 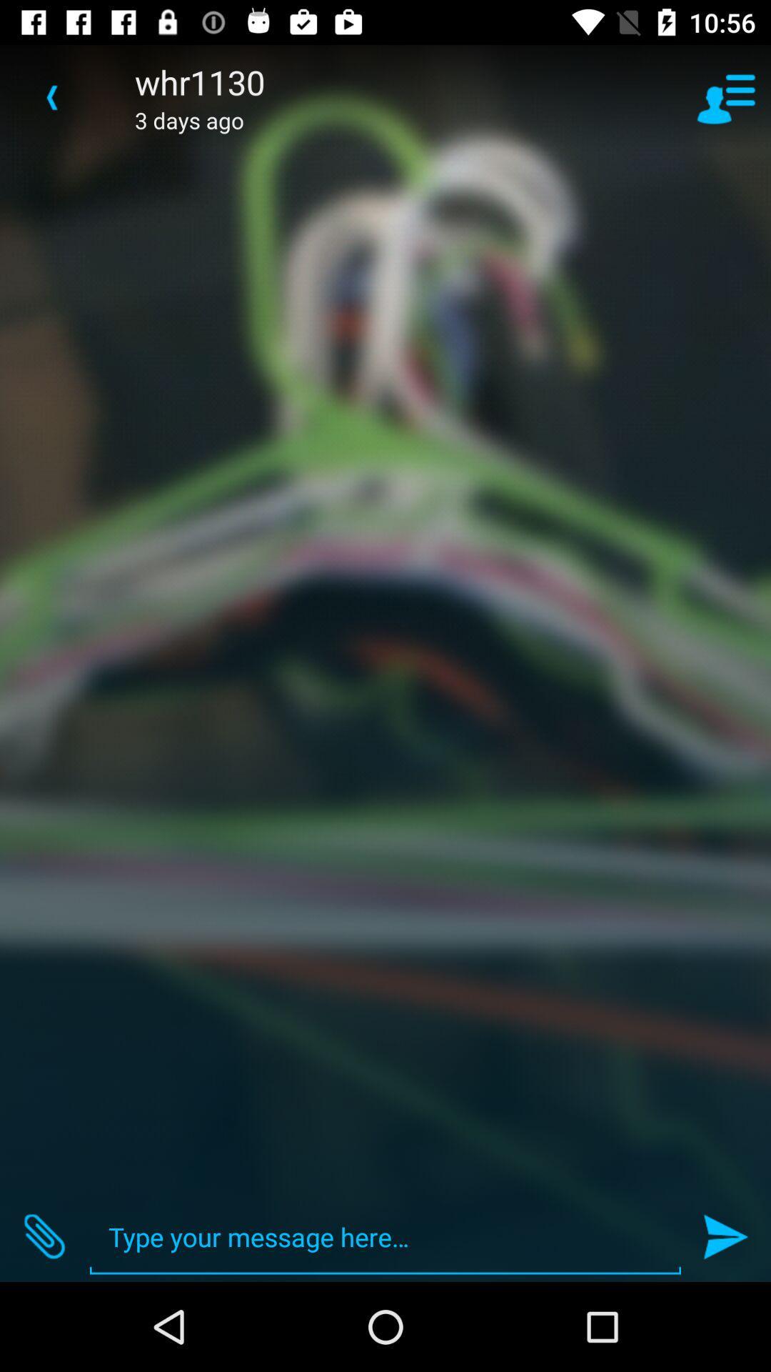 What do you see at coordinates (726, 96) in the screenshot?
I see `the item at the top right corner` at bounding box center [726, 96].